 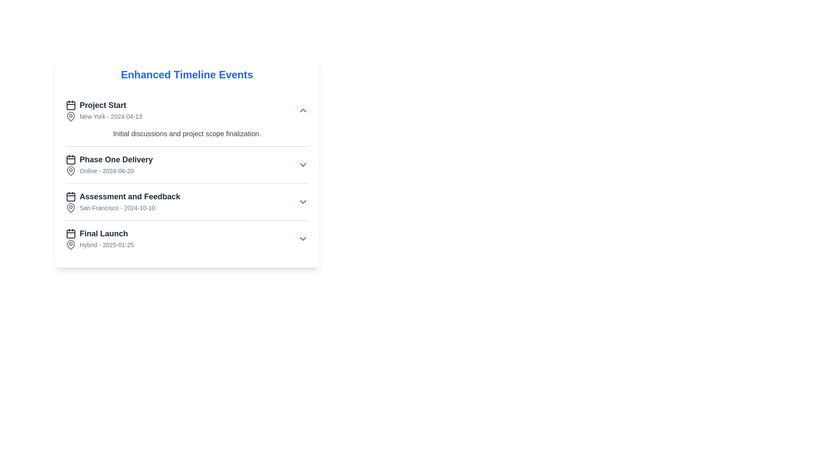 What do you see at coordinates (71, 233) in the screenshot?
I see `the SVG Rectangle that represents the body of the calendar layout for the 'Final Launch' entry in the 'Enhanced Timeline Events' section` at bounding box center [71, 233].